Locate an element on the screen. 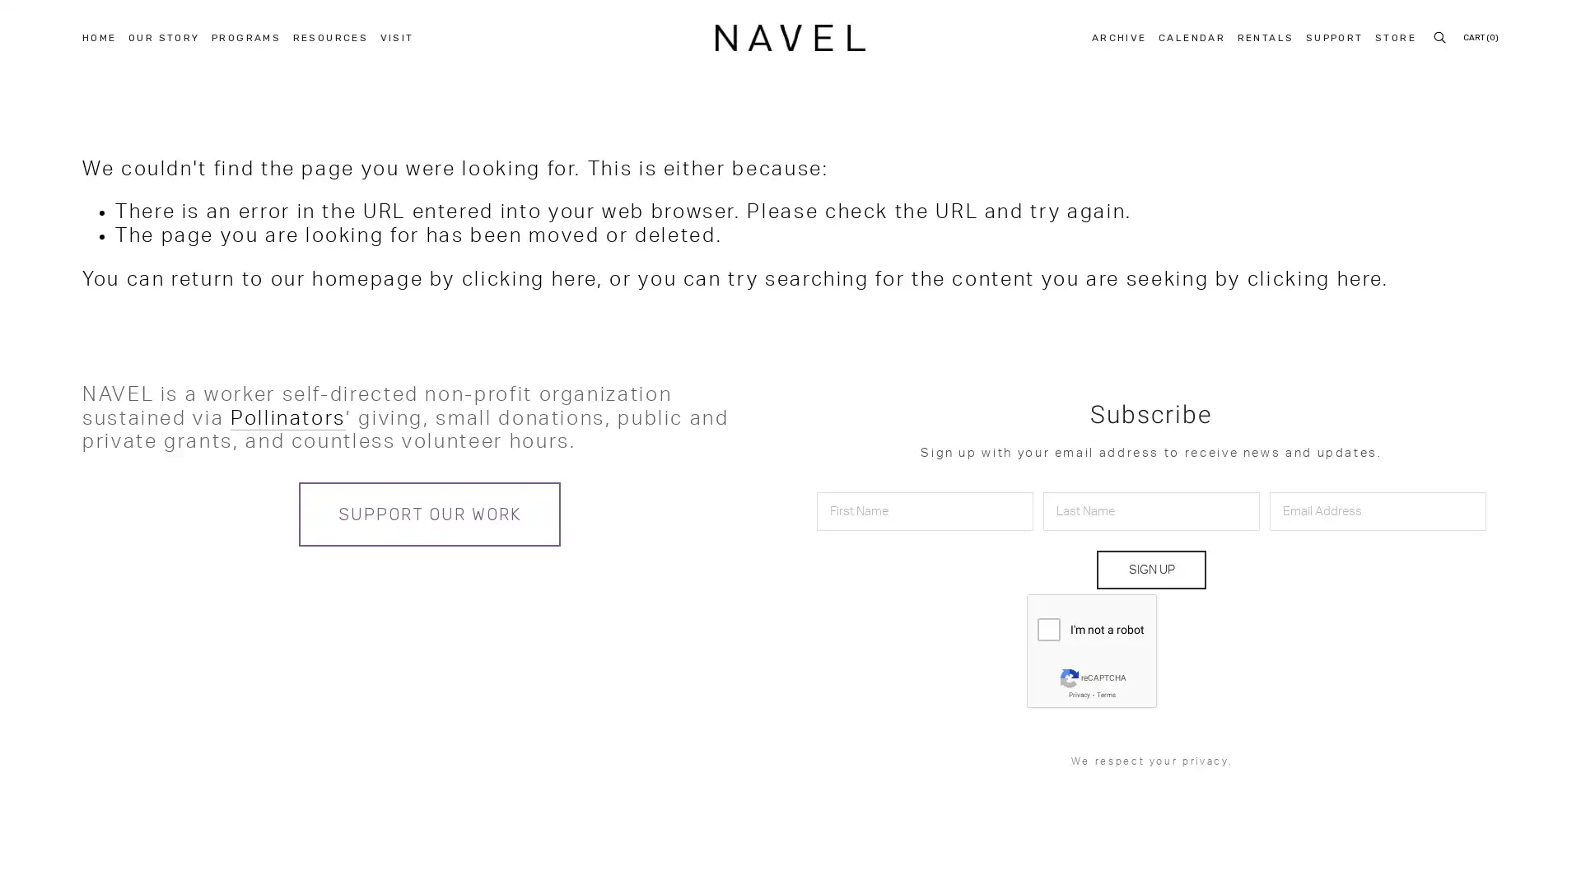  SIGN UP is located at coordinates (1150, 568).